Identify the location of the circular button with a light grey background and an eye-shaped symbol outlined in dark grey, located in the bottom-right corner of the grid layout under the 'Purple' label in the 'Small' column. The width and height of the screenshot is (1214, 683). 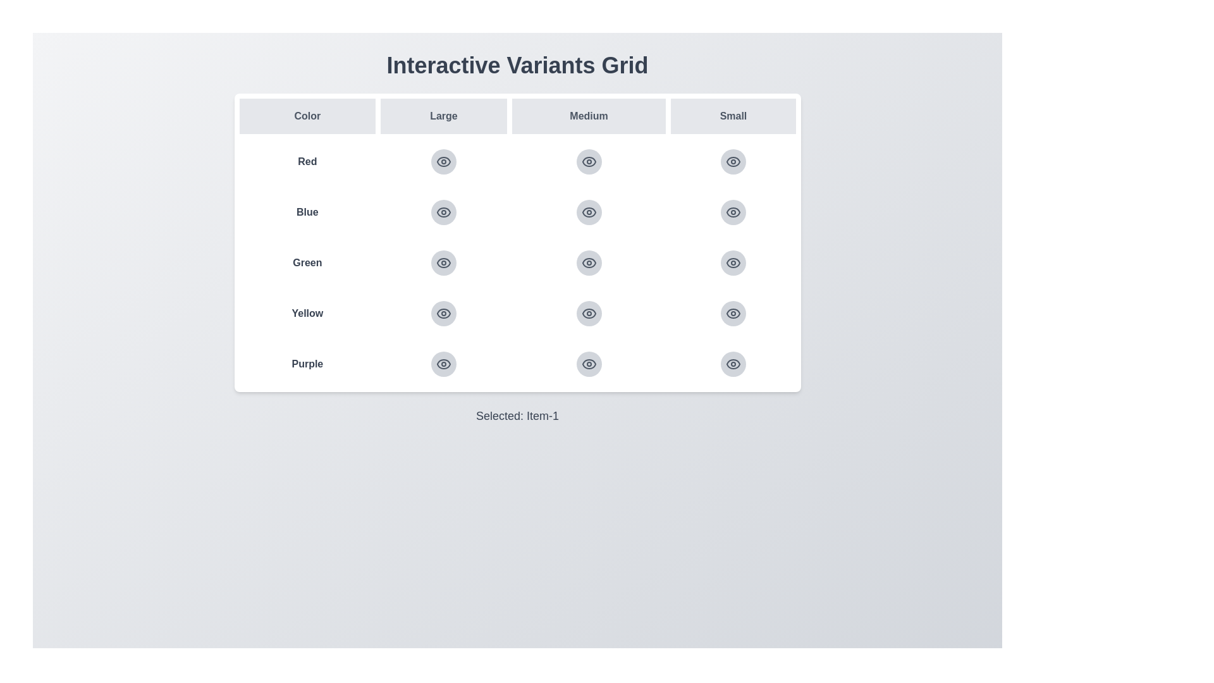
(733, 364).